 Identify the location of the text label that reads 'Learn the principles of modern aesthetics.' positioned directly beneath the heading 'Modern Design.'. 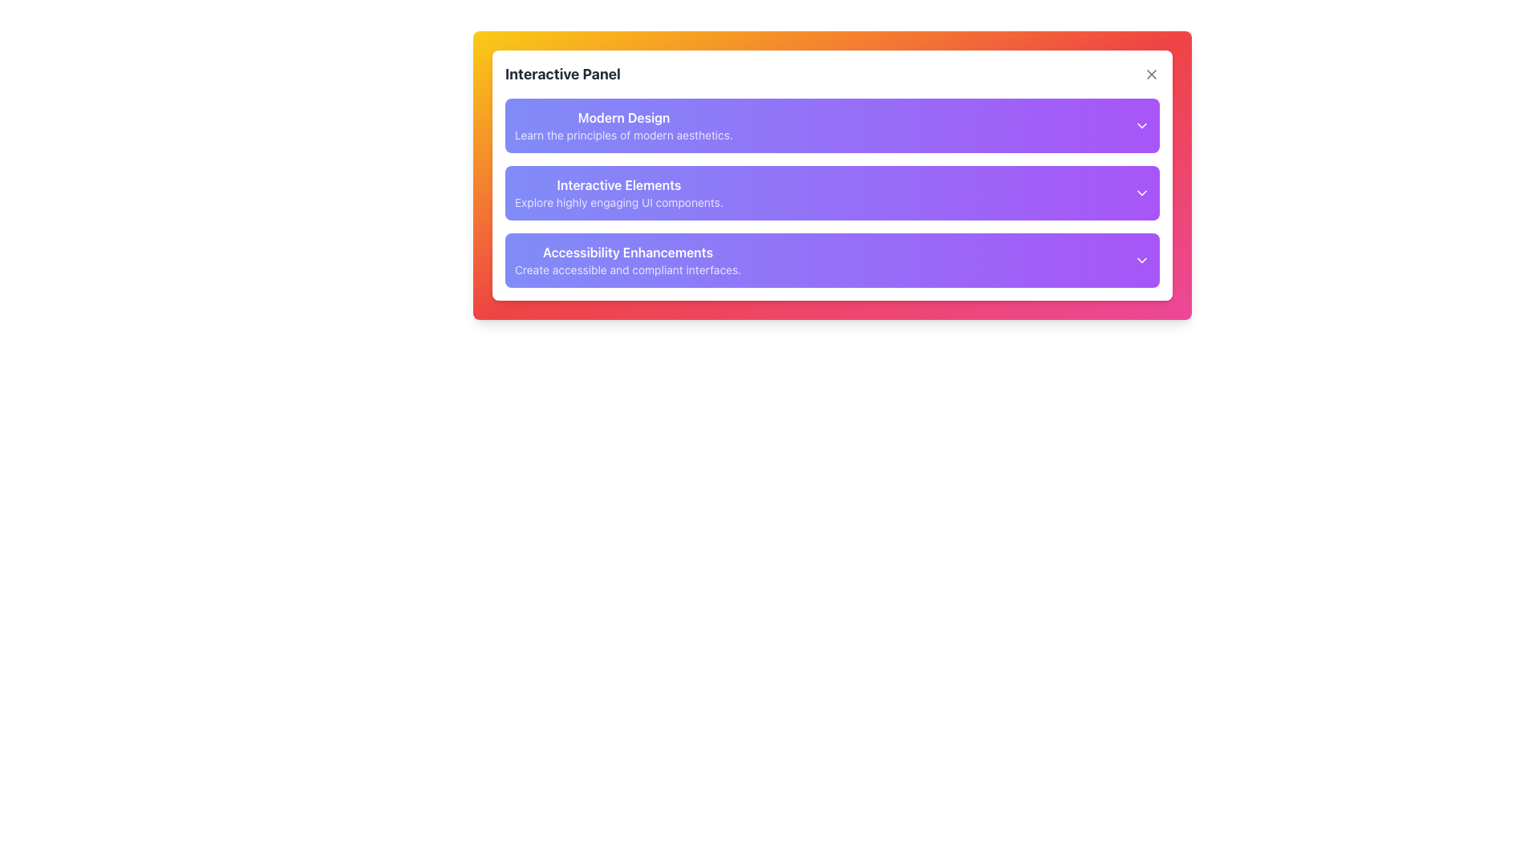
(622, 135).